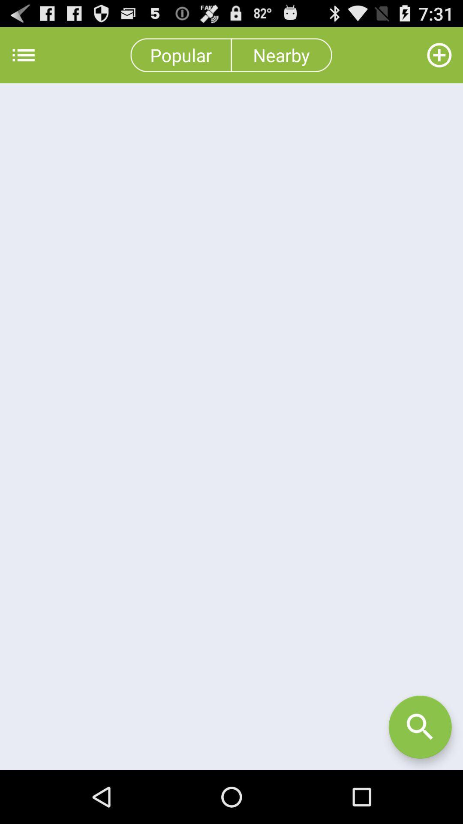 Image resolution: width=463 pixels, height=824 pixels. Describe the element at coordinates (420, 778) in the screenshot. I see `the search icon` at that location.